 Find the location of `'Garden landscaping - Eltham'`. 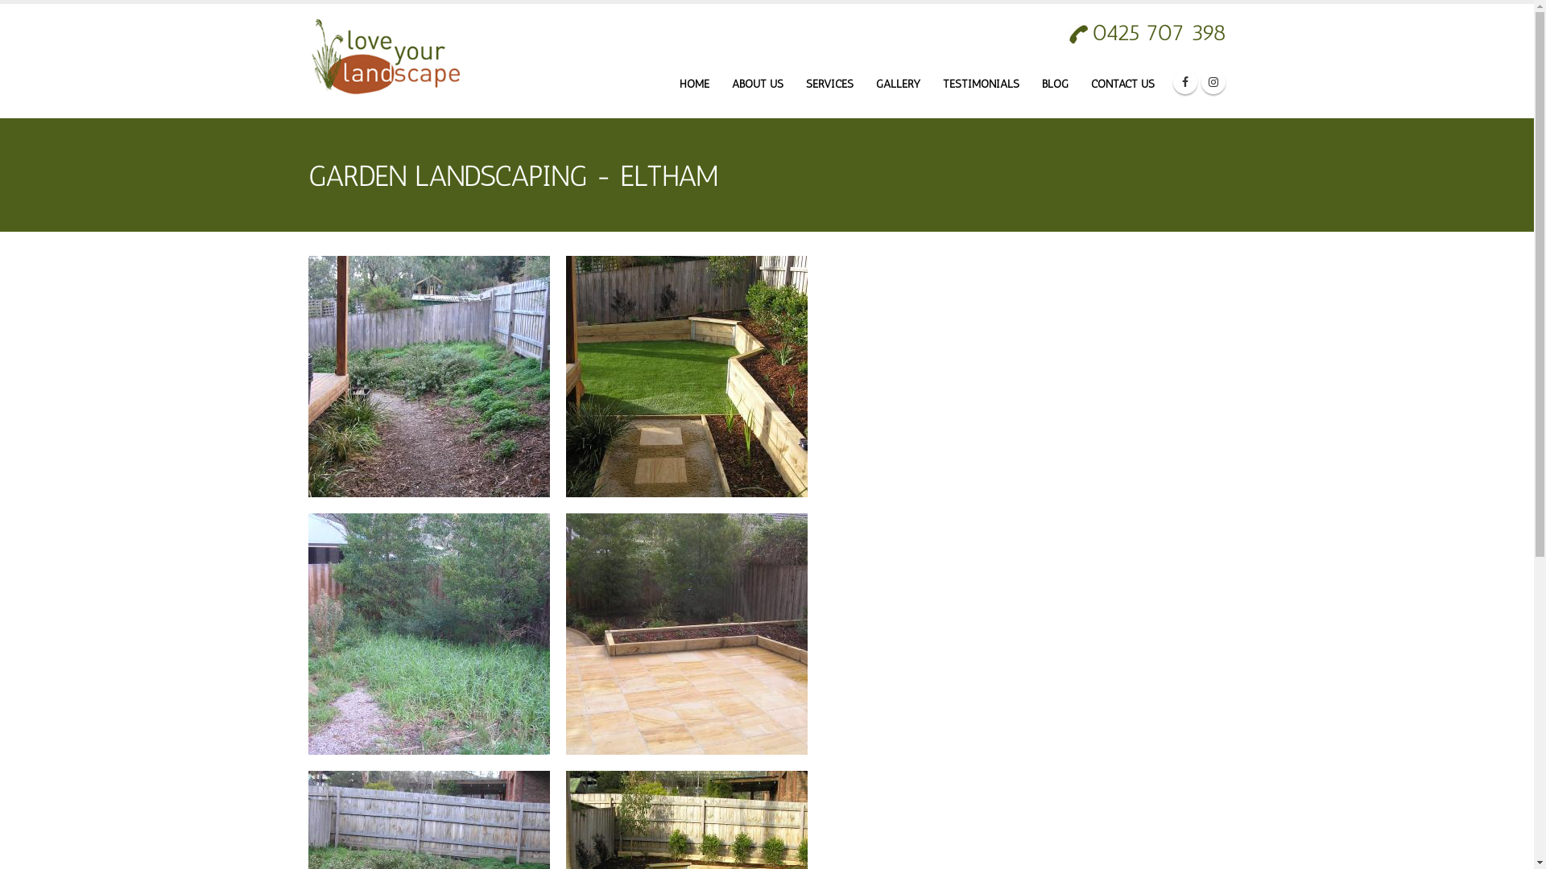

'Garden landscaping - Eltham' is located at coordinates (428, 375).